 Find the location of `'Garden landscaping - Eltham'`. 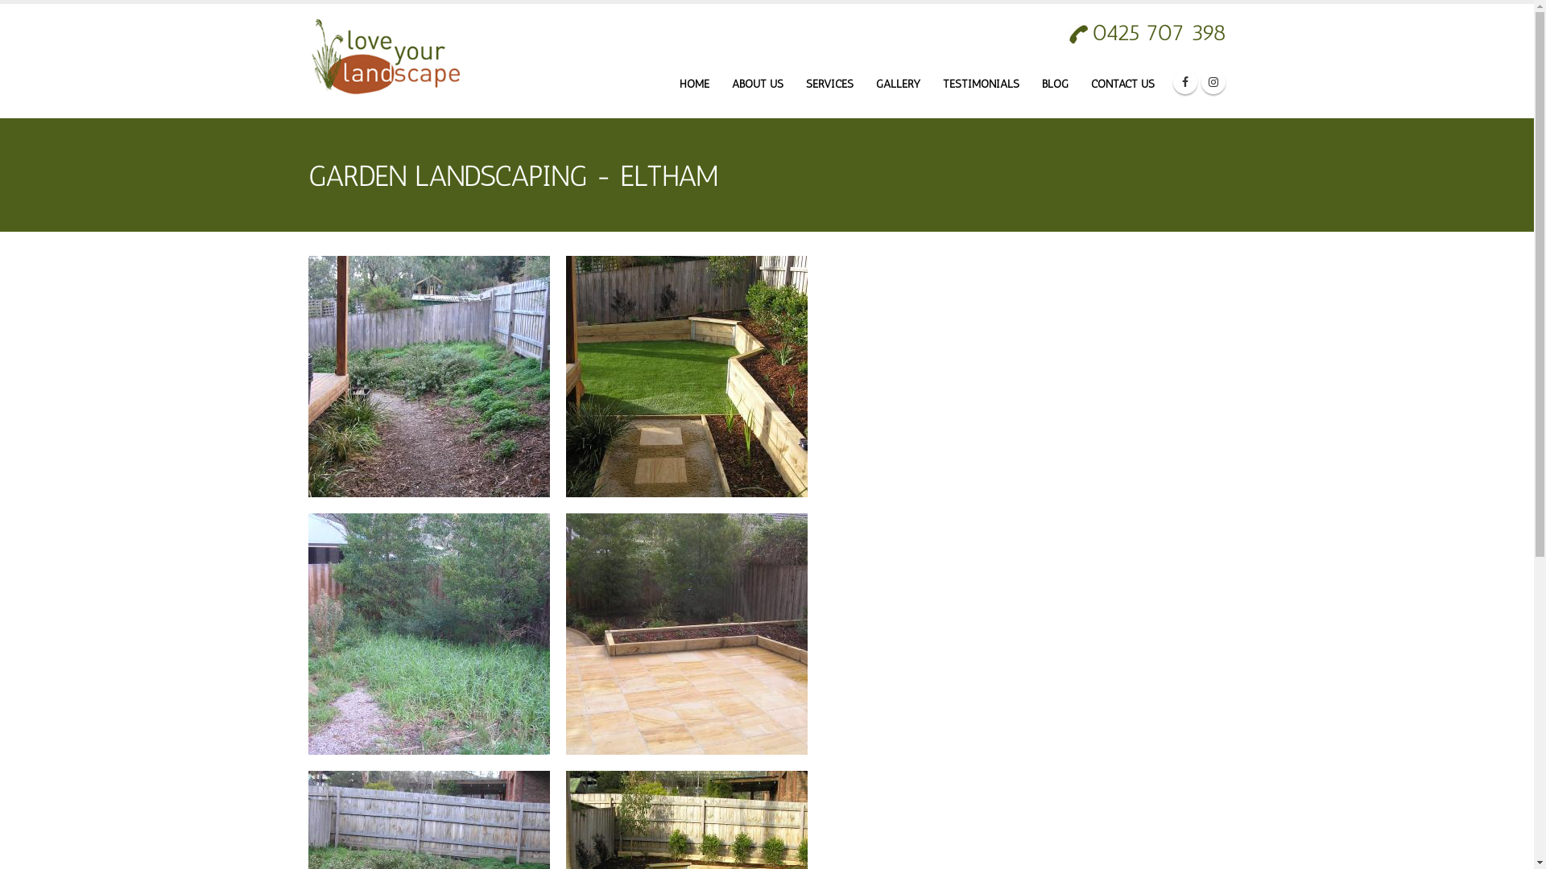

'Garden landscaping - Eltham' is located at coordinates (428, 375).